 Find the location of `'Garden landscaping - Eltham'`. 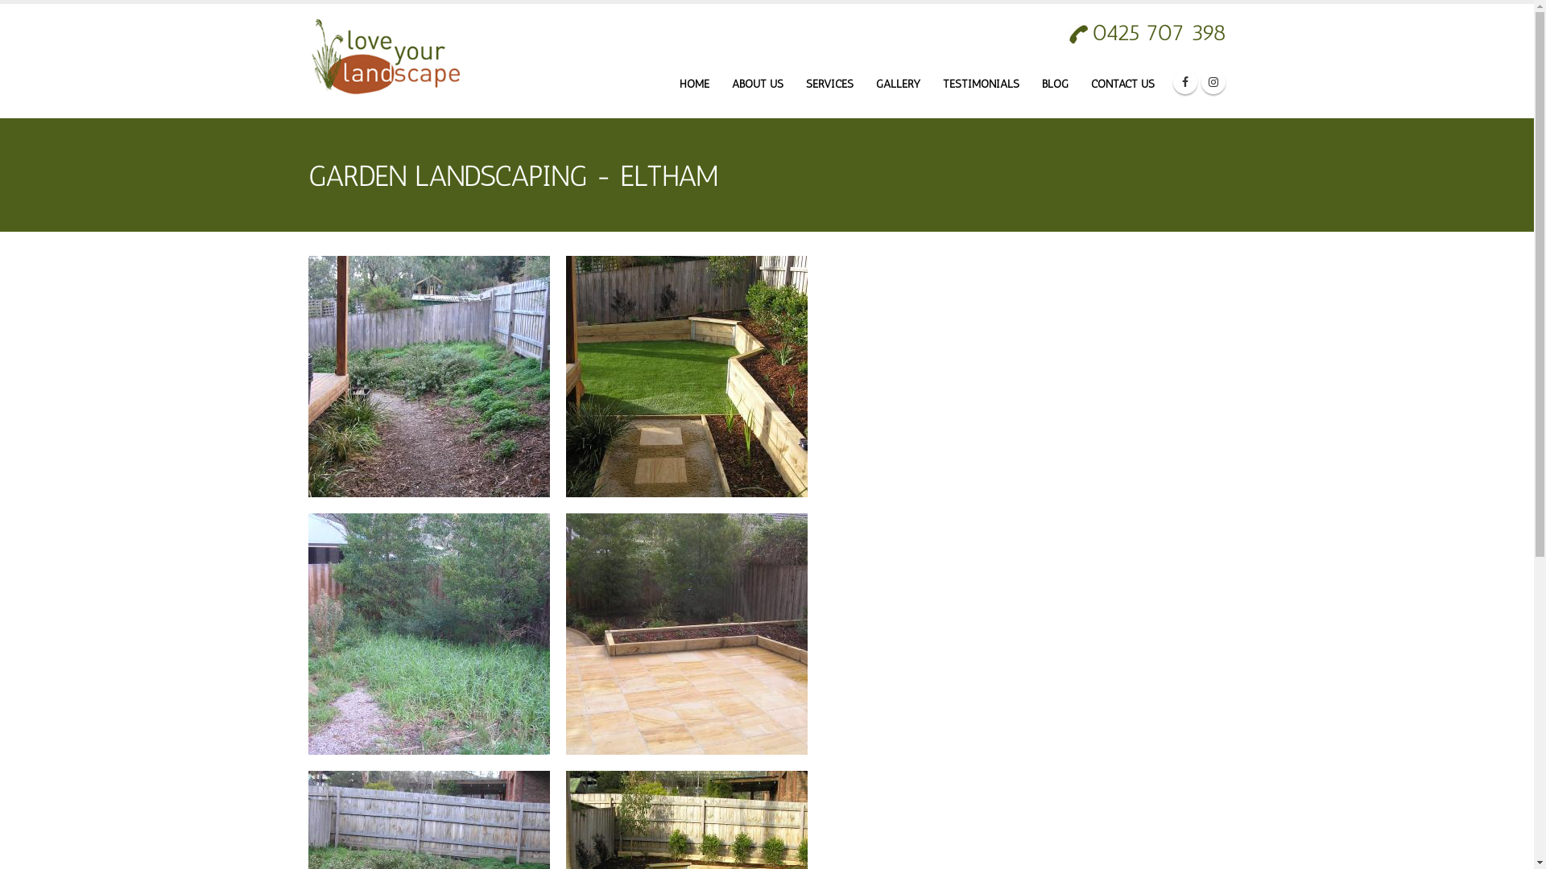

'Garden landscaping - Eltham' is located at coordinates (428, 375).